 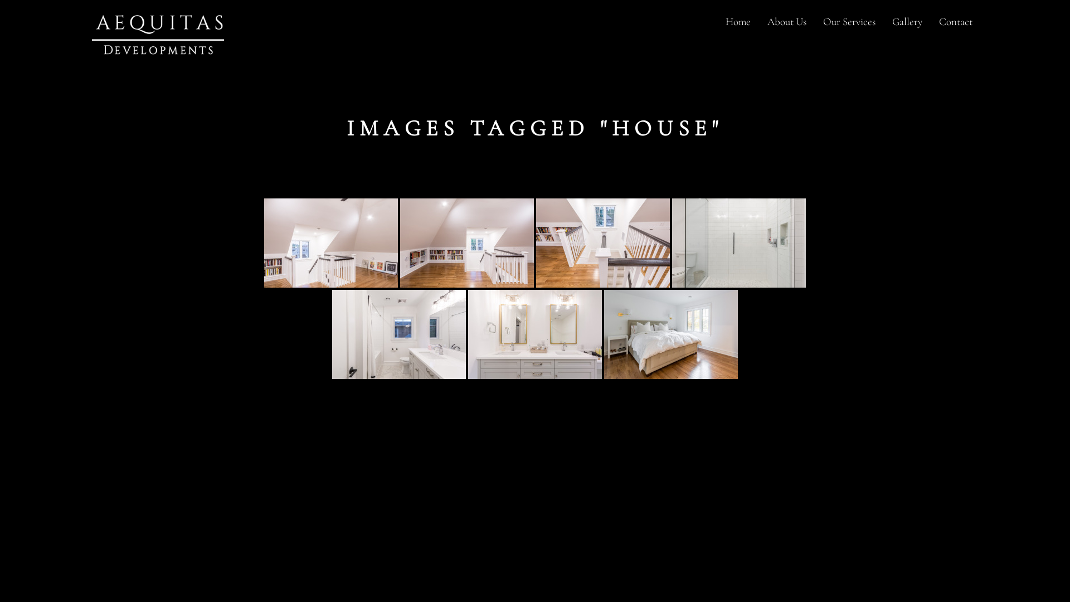 What do you see at coordinates (738, 22) in the screenshot?
I see `'Home'` at bounding box center [738, 22].